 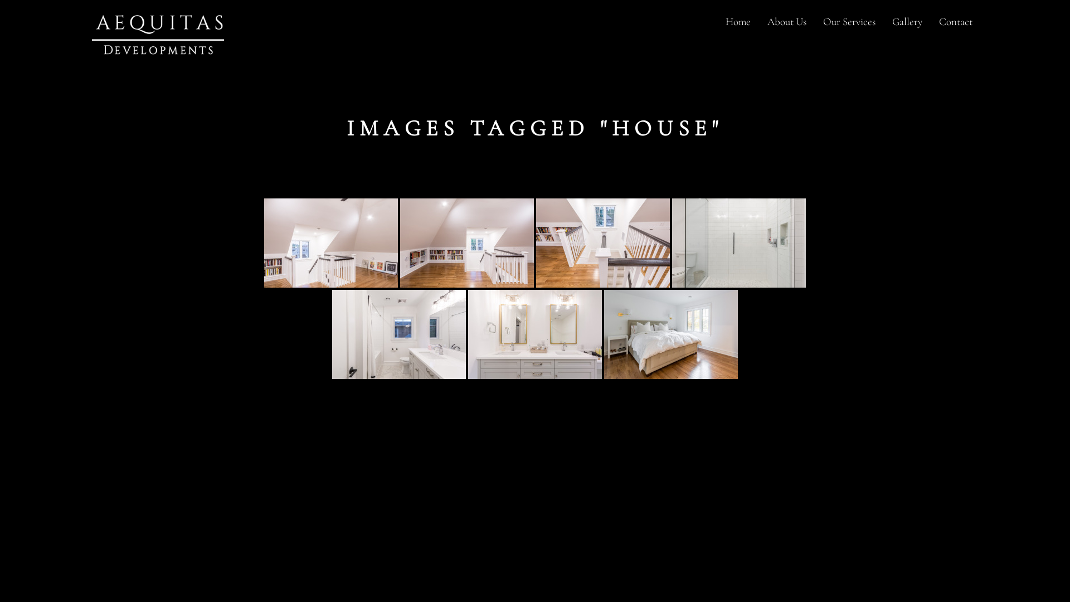 What do you see at coordinates (738, 22) in the screenshot?
I see `'Home'` at bounding box center [738, 22].